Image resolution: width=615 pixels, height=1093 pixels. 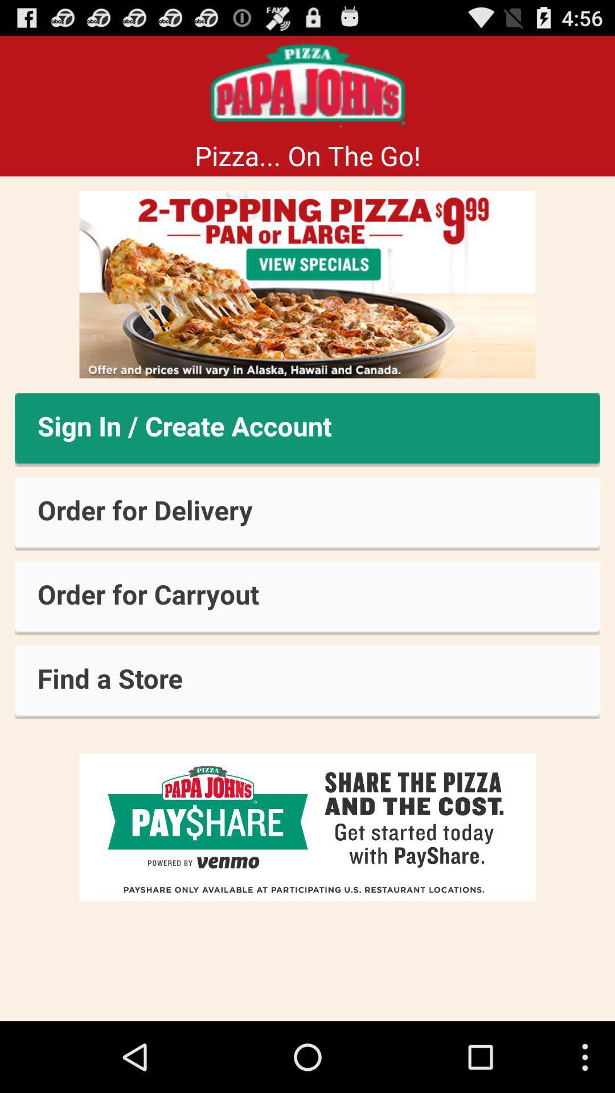 I want to click on picture of special deal, so click(x=307, y=285).